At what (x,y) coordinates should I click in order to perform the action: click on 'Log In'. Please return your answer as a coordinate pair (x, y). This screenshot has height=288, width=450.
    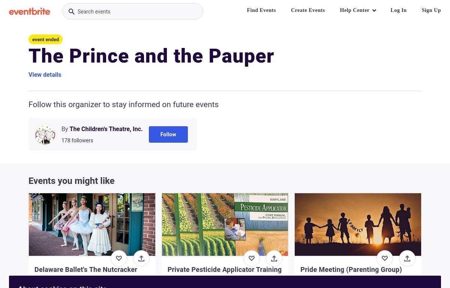
    Looking at the image, I should click on (398, 10).